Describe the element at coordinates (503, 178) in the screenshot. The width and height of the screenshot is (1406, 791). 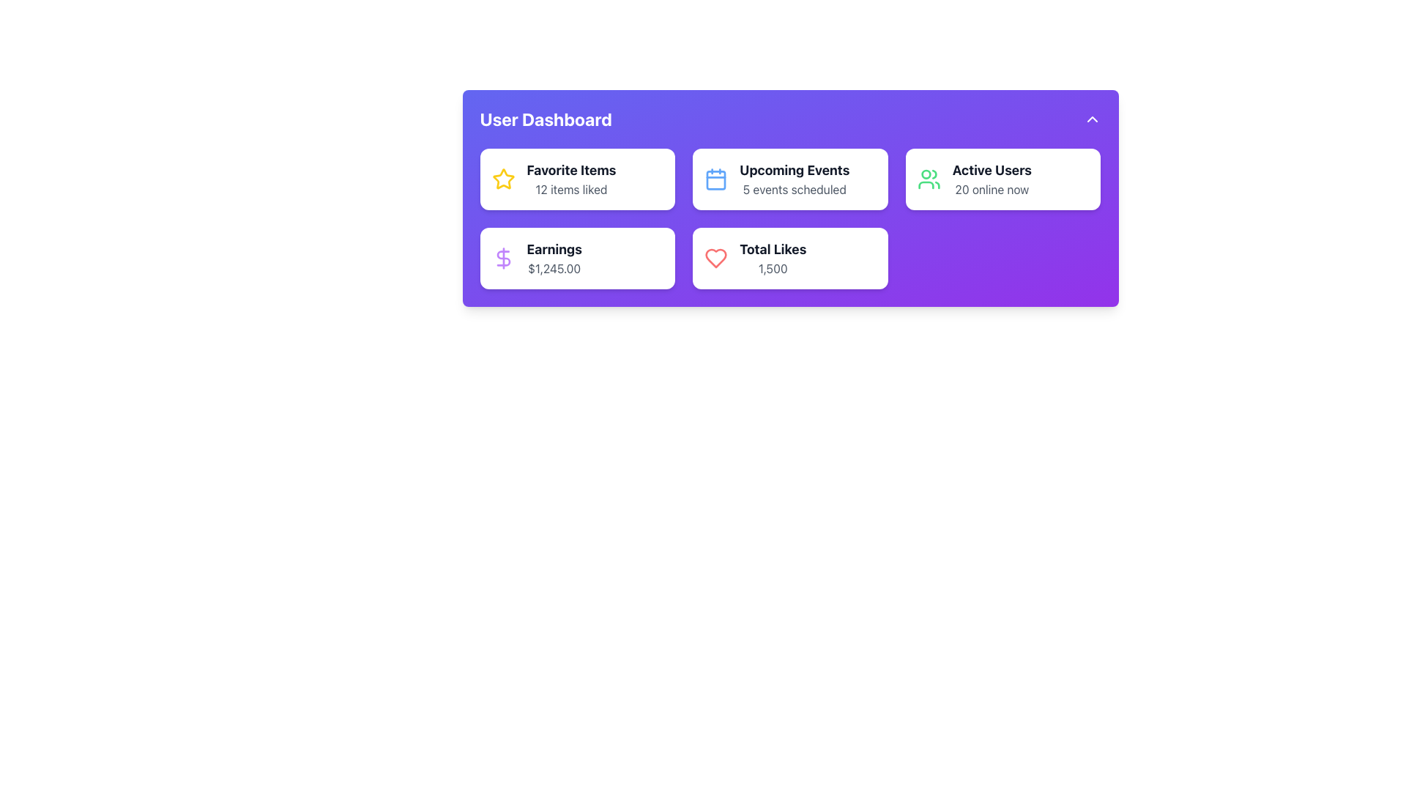
I see `the yellow star icon with a hollow center located within the 'Favorite Items' card in the User Dashboard interface` at that location.